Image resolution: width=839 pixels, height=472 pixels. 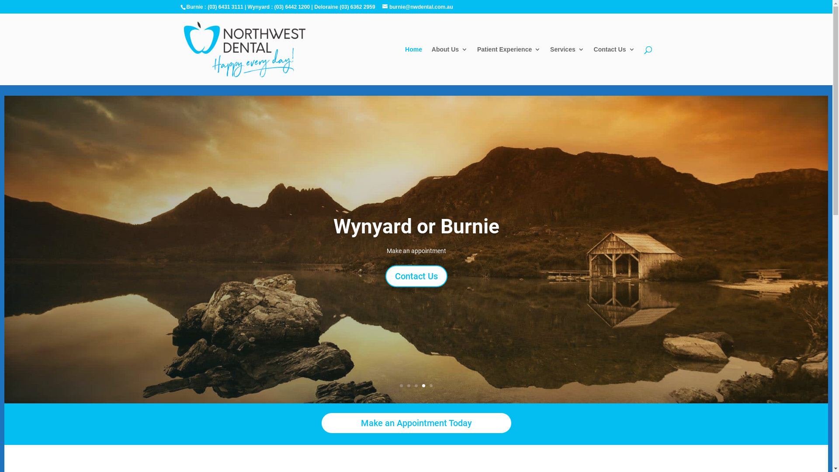 What do you see at coordinates (413, 65) in the screenshot?
I see `'Home'` at bounding box center [413, 65].